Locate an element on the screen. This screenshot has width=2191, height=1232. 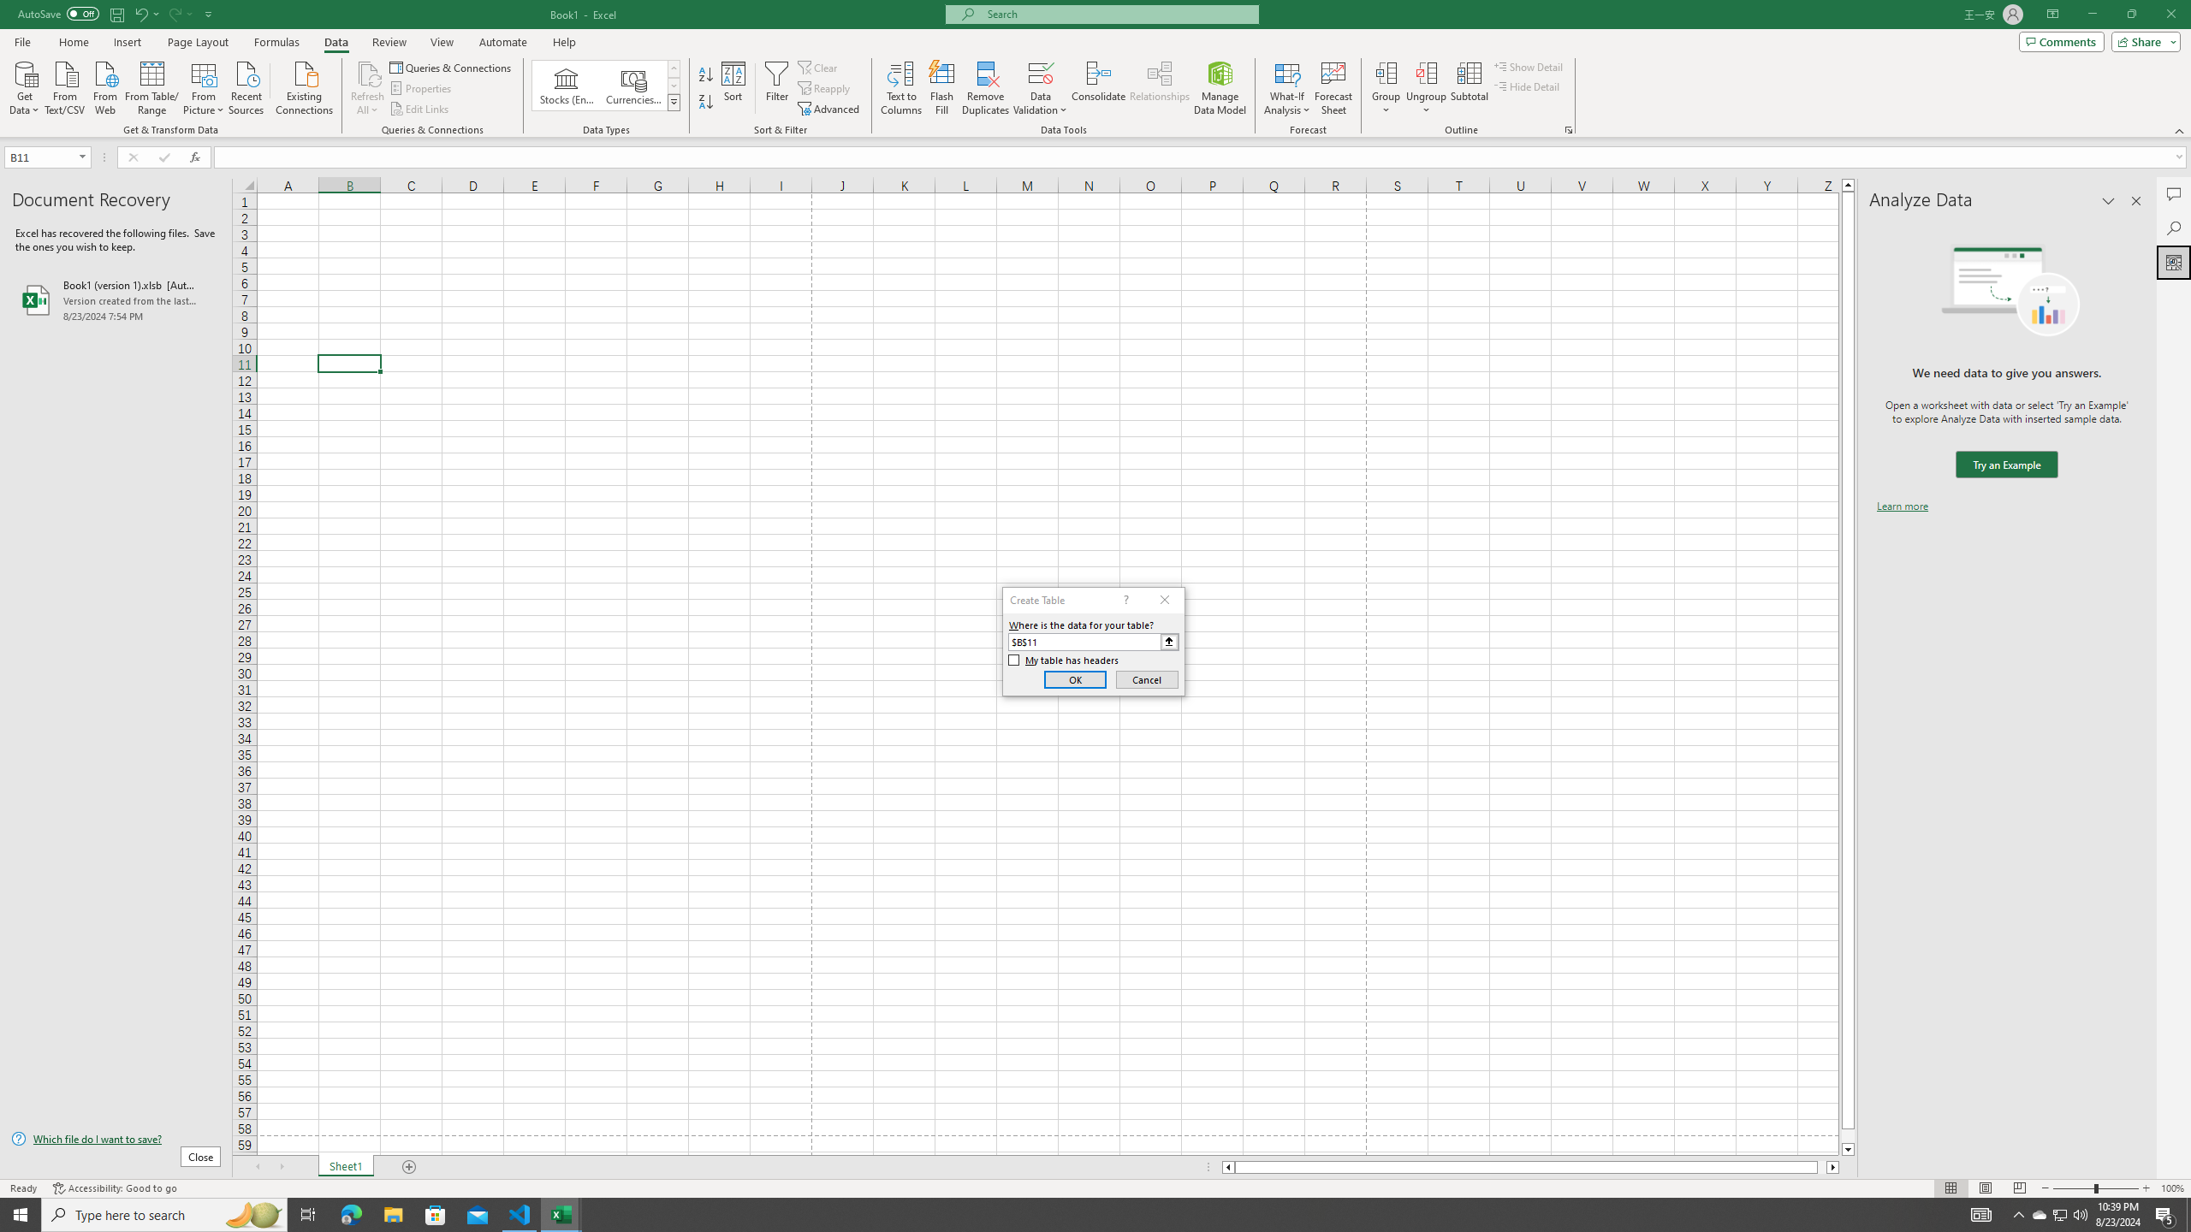
'Row Down' is located at coordinates (674, 85).